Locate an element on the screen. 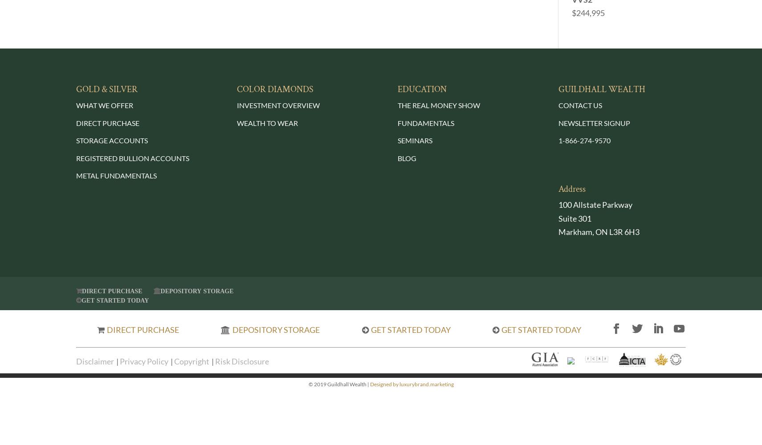  'Markham, ON L3R 6H3' is located at coordinates (558, 232).